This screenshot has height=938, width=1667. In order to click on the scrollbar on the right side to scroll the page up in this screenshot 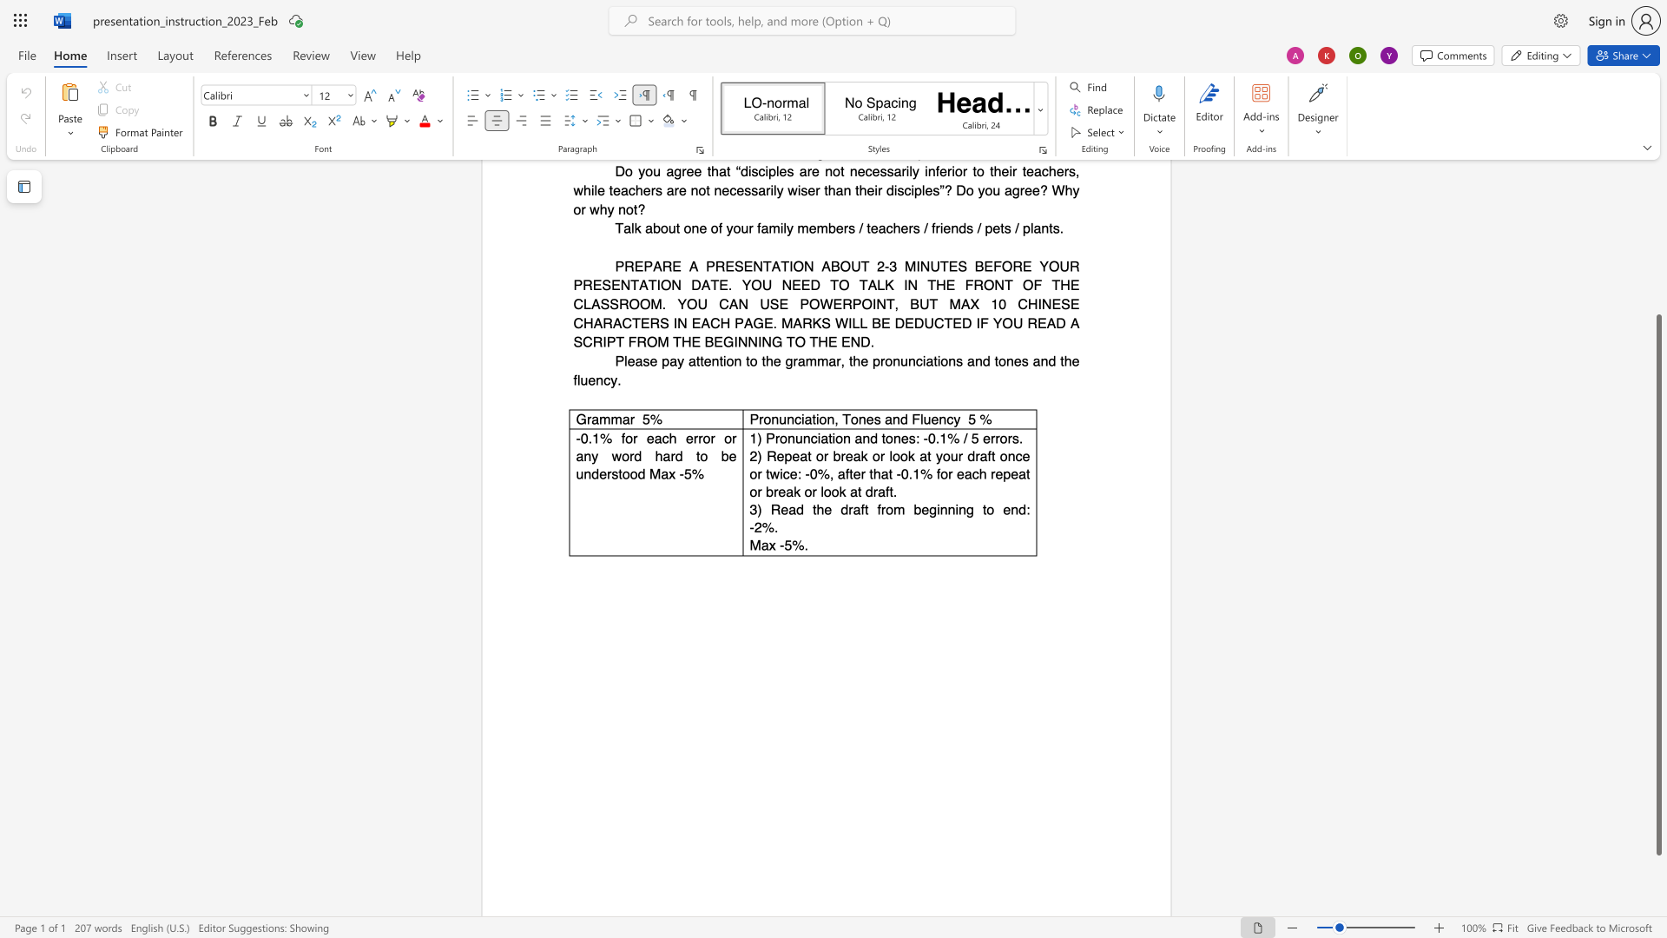, I will do `click(1657, 277)`.